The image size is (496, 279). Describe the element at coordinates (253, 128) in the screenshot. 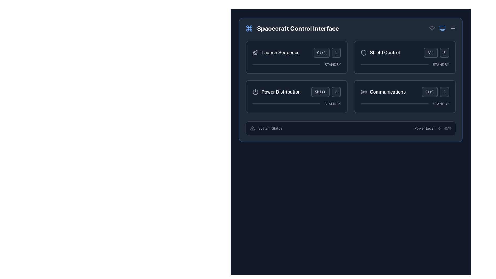

I see `the alert indicator icon in the 'System Status' section, which suggests a warning or issue in the system` at that location.